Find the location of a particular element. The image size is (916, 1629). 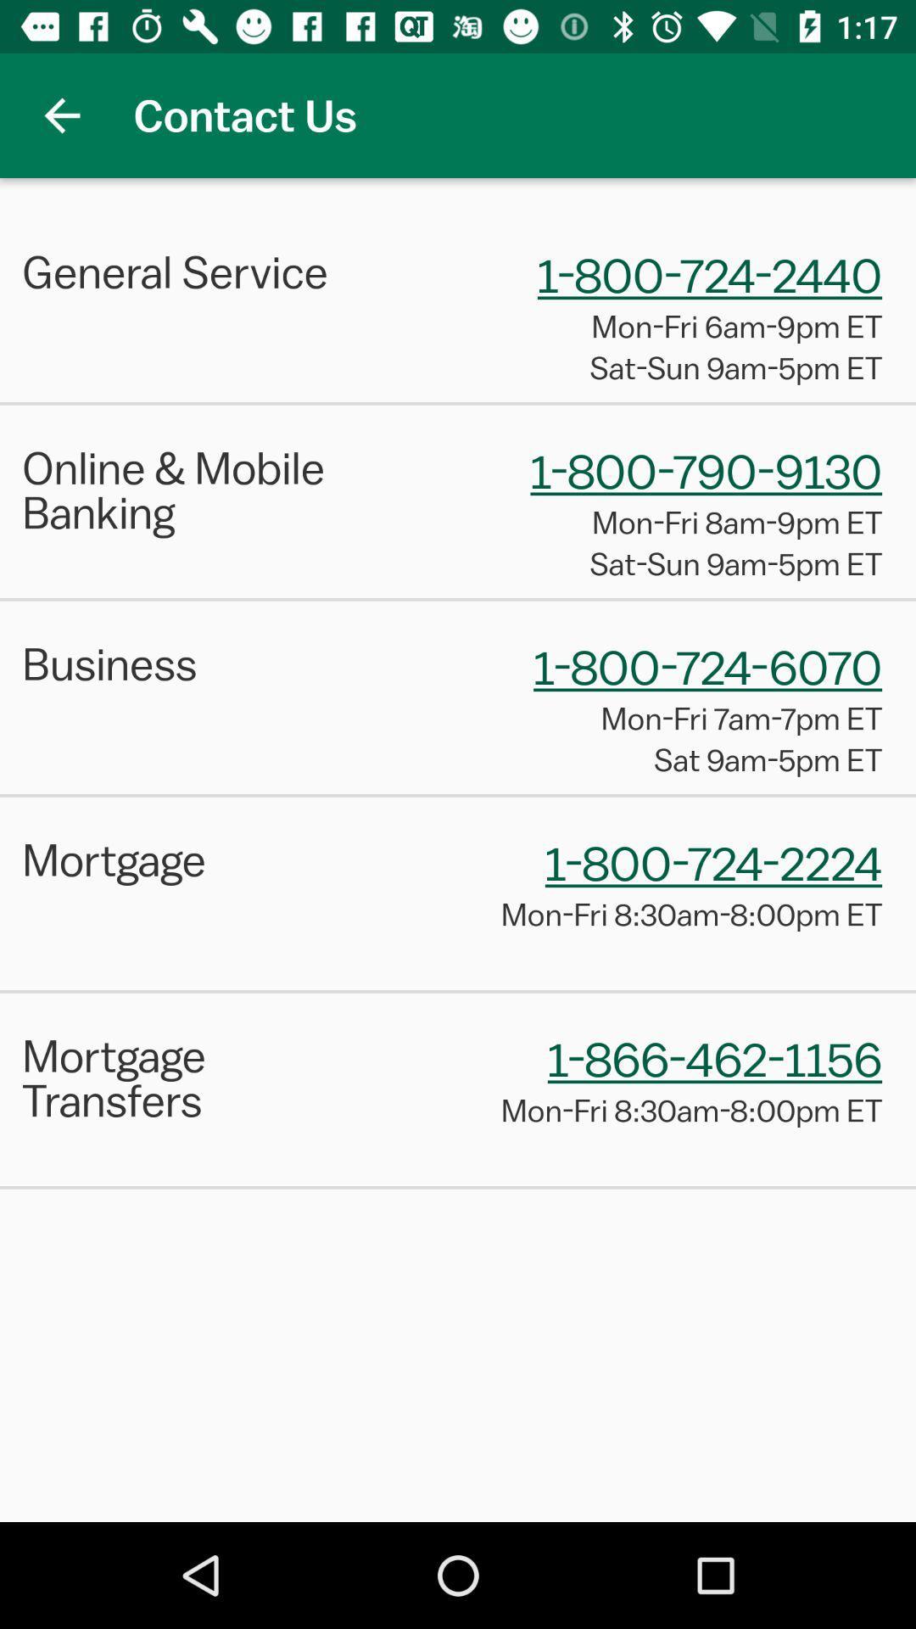

the item above the online & mobile banking item is located at coordinates (458, 402).